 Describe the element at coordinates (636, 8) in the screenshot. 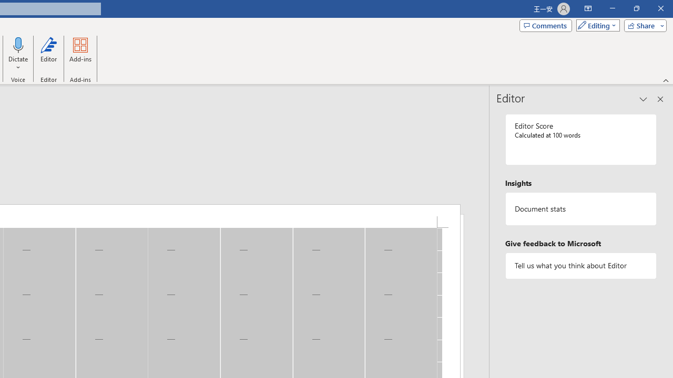

I see `'Restore Down'` at that location.